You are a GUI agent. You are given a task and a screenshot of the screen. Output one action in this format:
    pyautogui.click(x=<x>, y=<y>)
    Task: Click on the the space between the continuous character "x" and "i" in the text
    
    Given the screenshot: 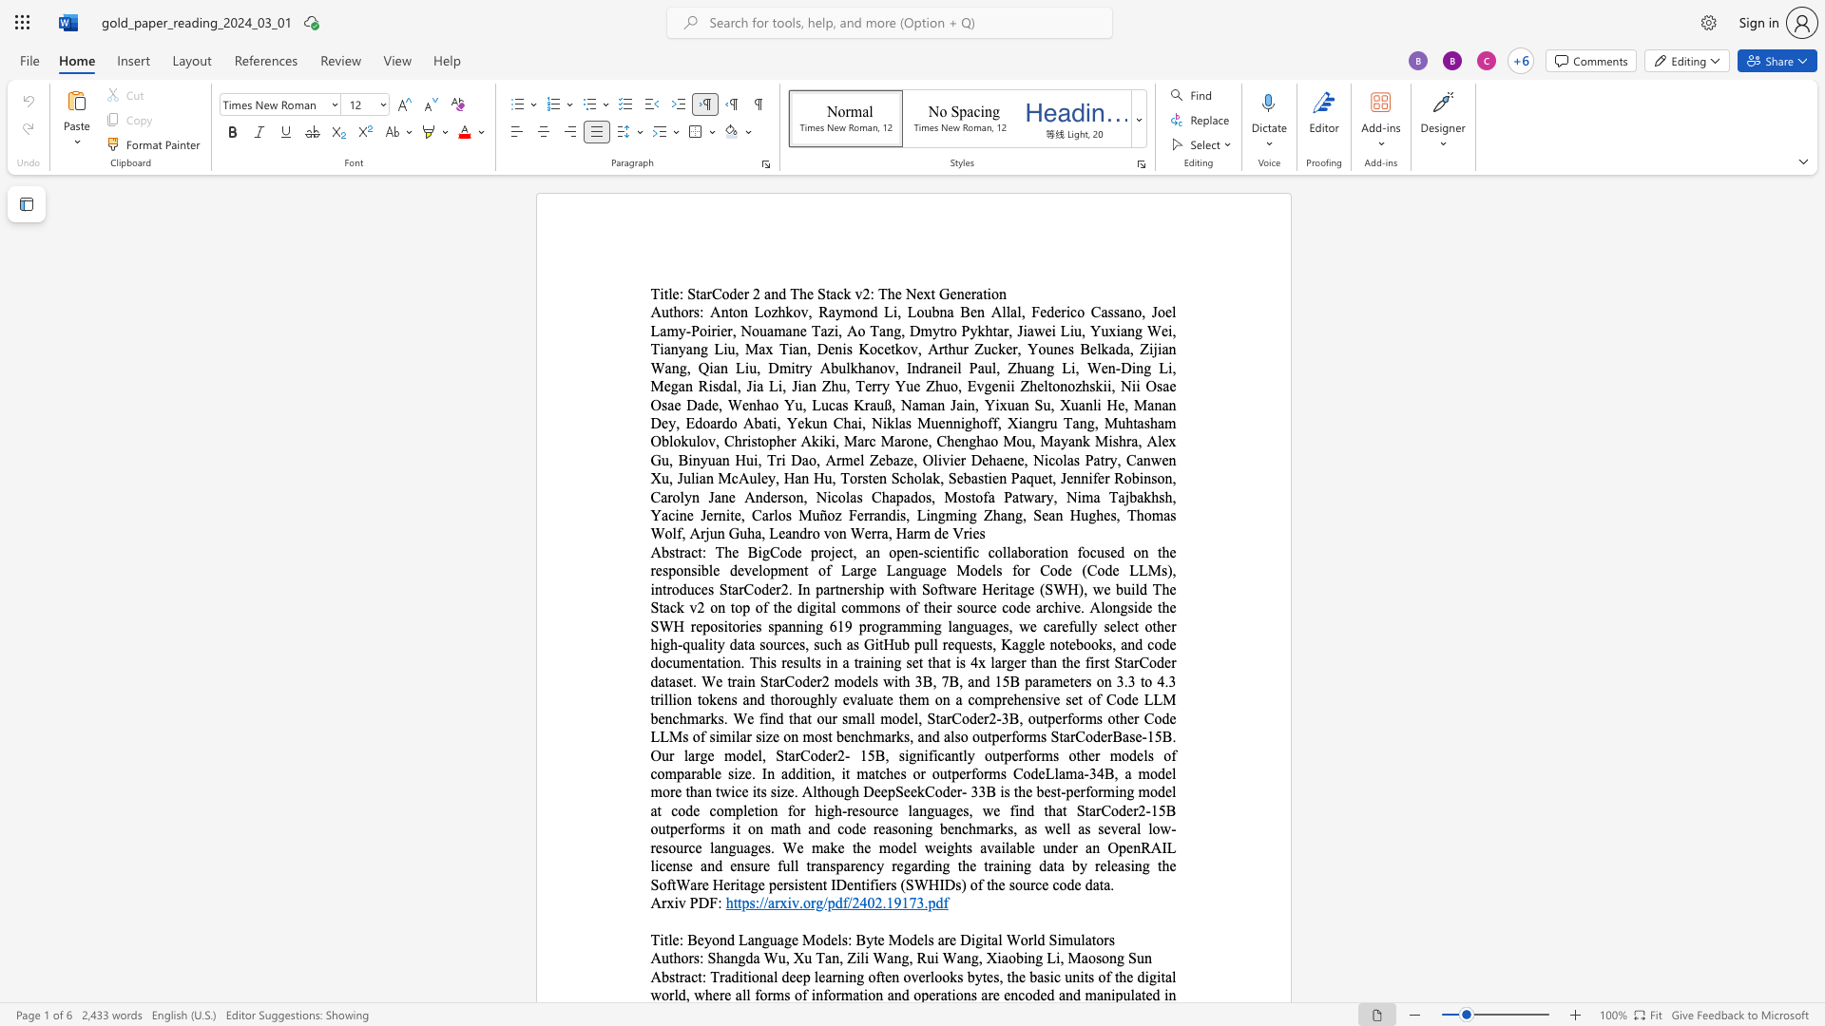 What is the action you would take?
    pyautogui.click(x=786, y=902)
    